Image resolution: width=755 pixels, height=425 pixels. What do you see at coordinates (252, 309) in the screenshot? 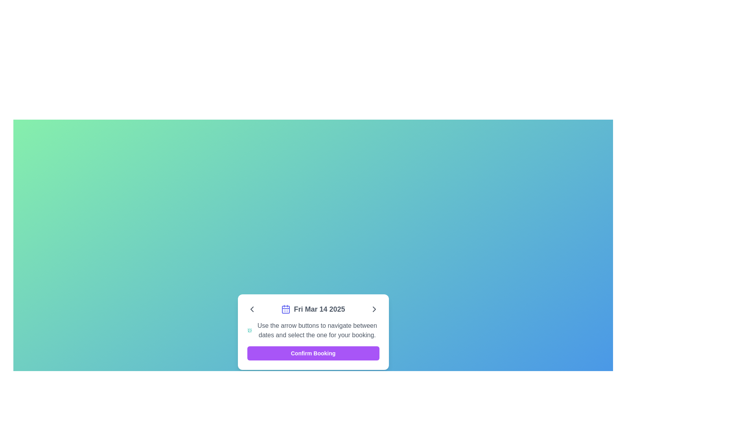
I see `the leftward-pointing arrow icon button located in the navigation control toolbar, which is positioned to the left of the date display 'Fri Mar 14 2025'` at bounding box center [252, 309].